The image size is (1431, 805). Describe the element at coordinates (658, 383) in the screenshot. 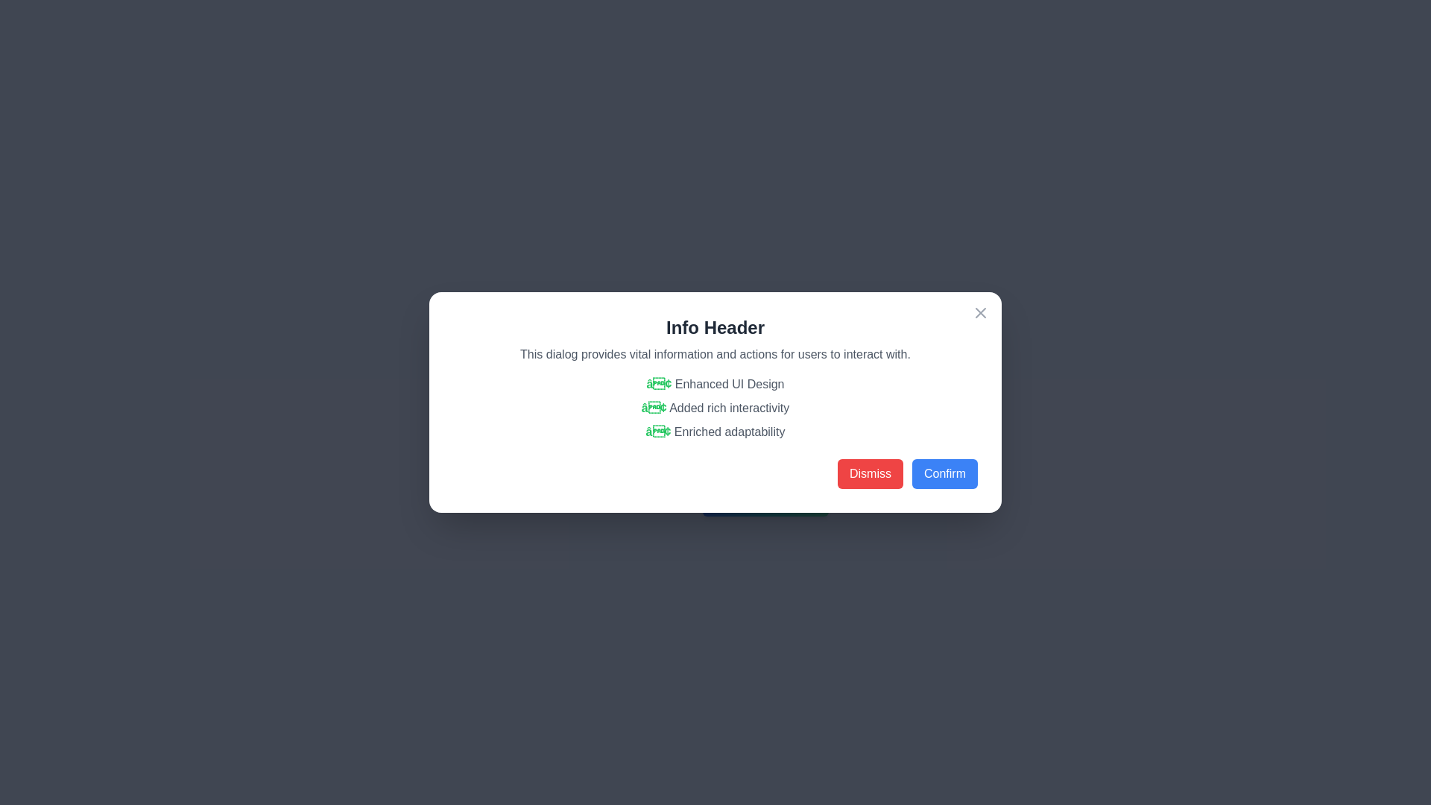

I see `the design of the bullet point element, which is a bold green character (•) located to the left of the text 'Enhanced UI Design' at the top of a list in a modal dialog` at that location.